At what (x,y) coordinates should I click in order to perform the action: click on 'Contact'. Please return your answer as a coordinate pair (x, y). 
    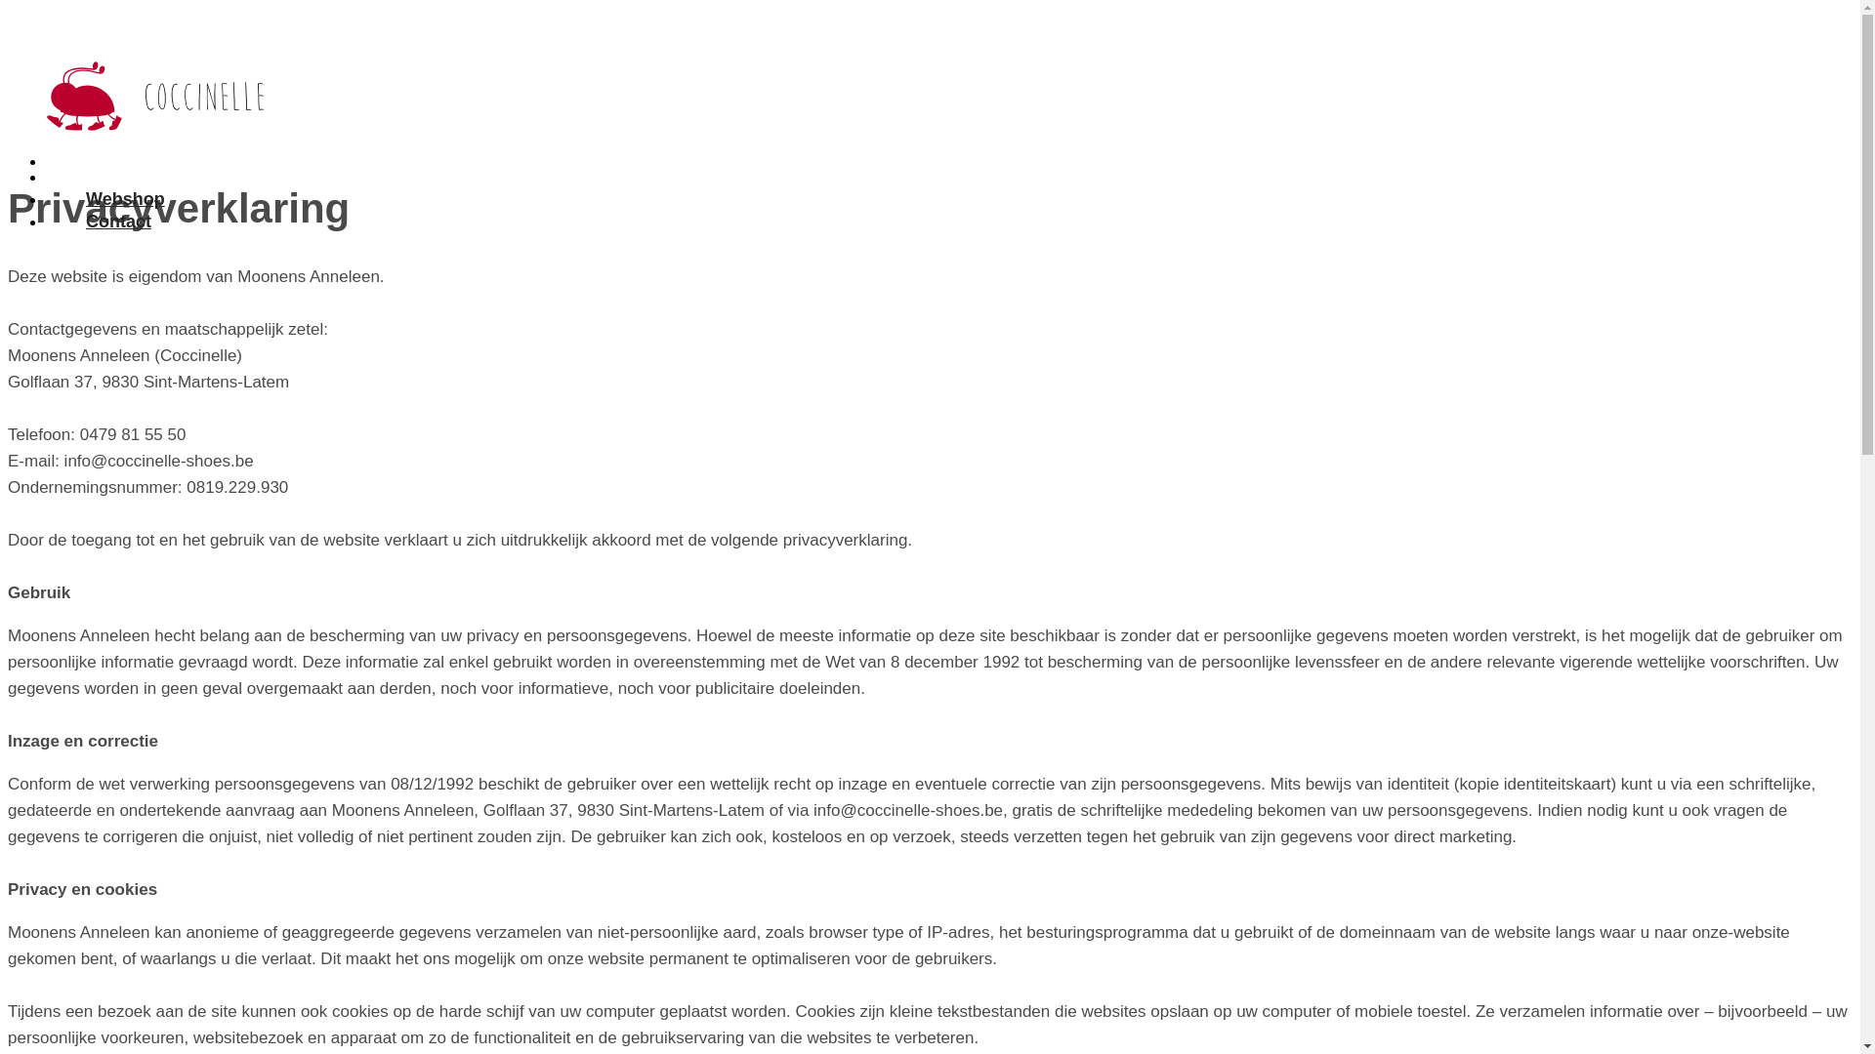
    Looking at the image, I should click on (153, 193).